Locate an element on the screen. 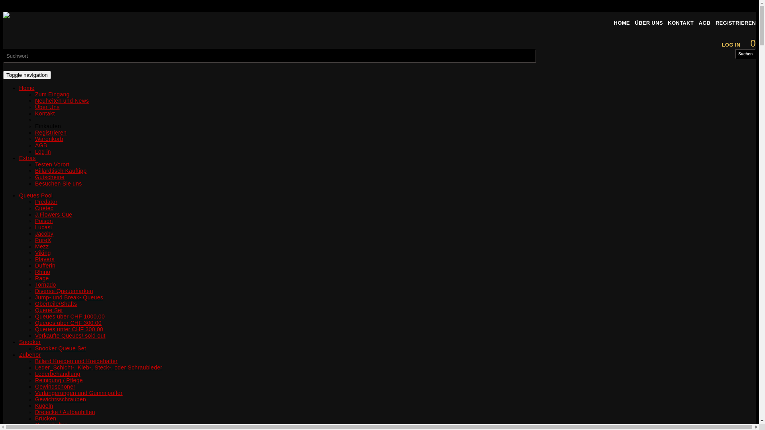 This screenshot has width=765, height=430. 'Reinigung / Pflege' is located at coordinates (59, 380).